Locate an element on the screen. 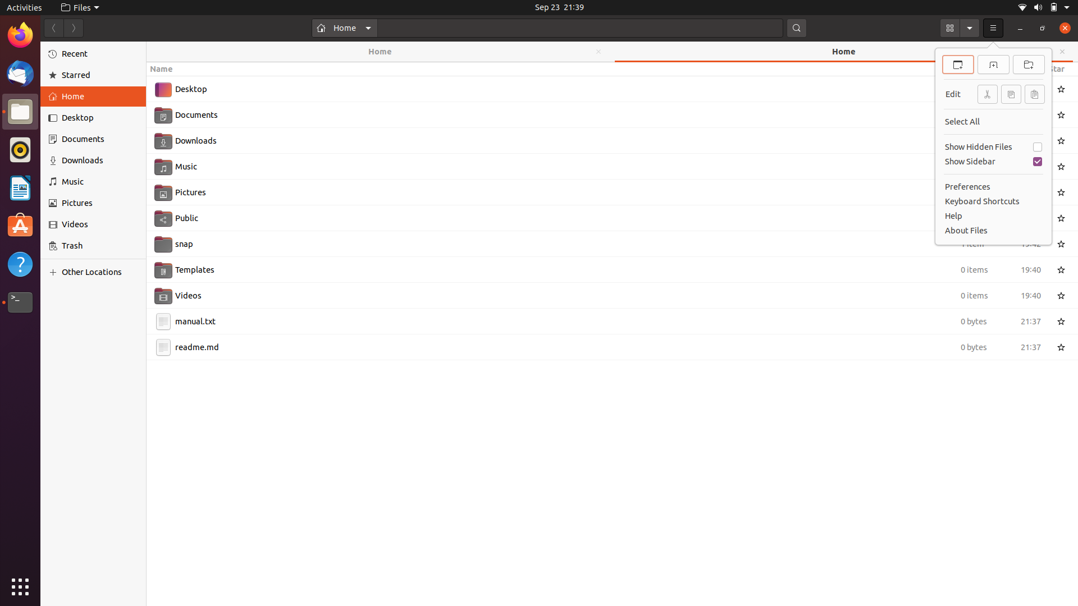  Use the keyboard keys to select the second option from the menu that is accessed by a mouse click is located at coordinates (993, 27).